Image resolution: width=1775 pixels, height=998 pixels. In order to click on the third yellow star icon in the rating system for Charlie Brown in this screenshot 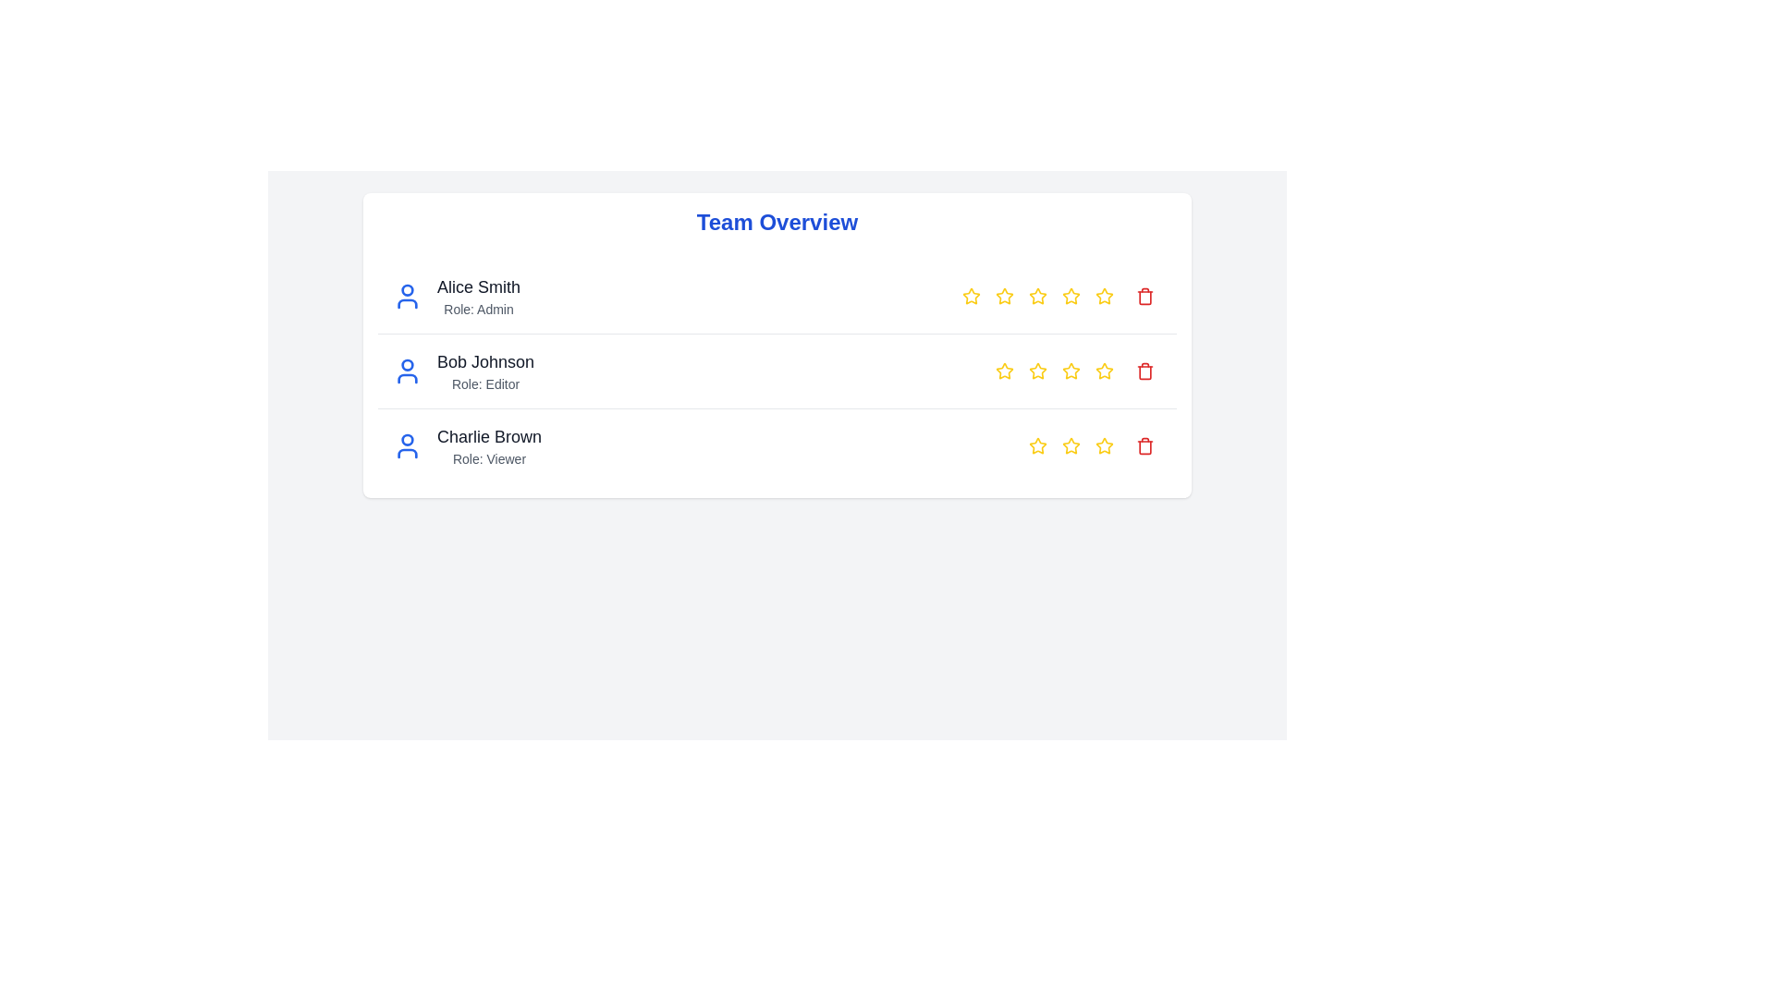, I will do `click(1071, 445)`.